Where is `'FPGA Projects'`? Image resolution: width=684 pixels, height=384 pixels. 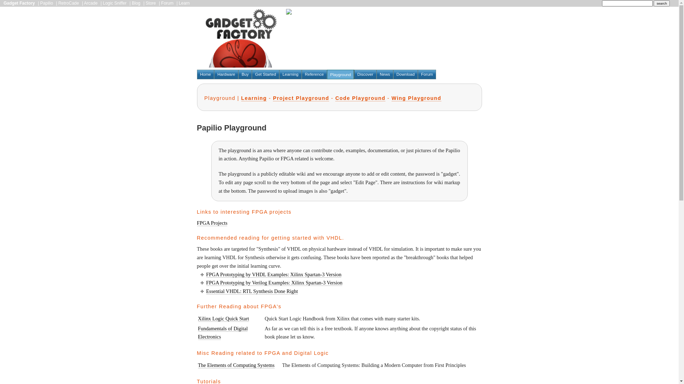
'FPGA Projects' is located at coordinates (212, 223).